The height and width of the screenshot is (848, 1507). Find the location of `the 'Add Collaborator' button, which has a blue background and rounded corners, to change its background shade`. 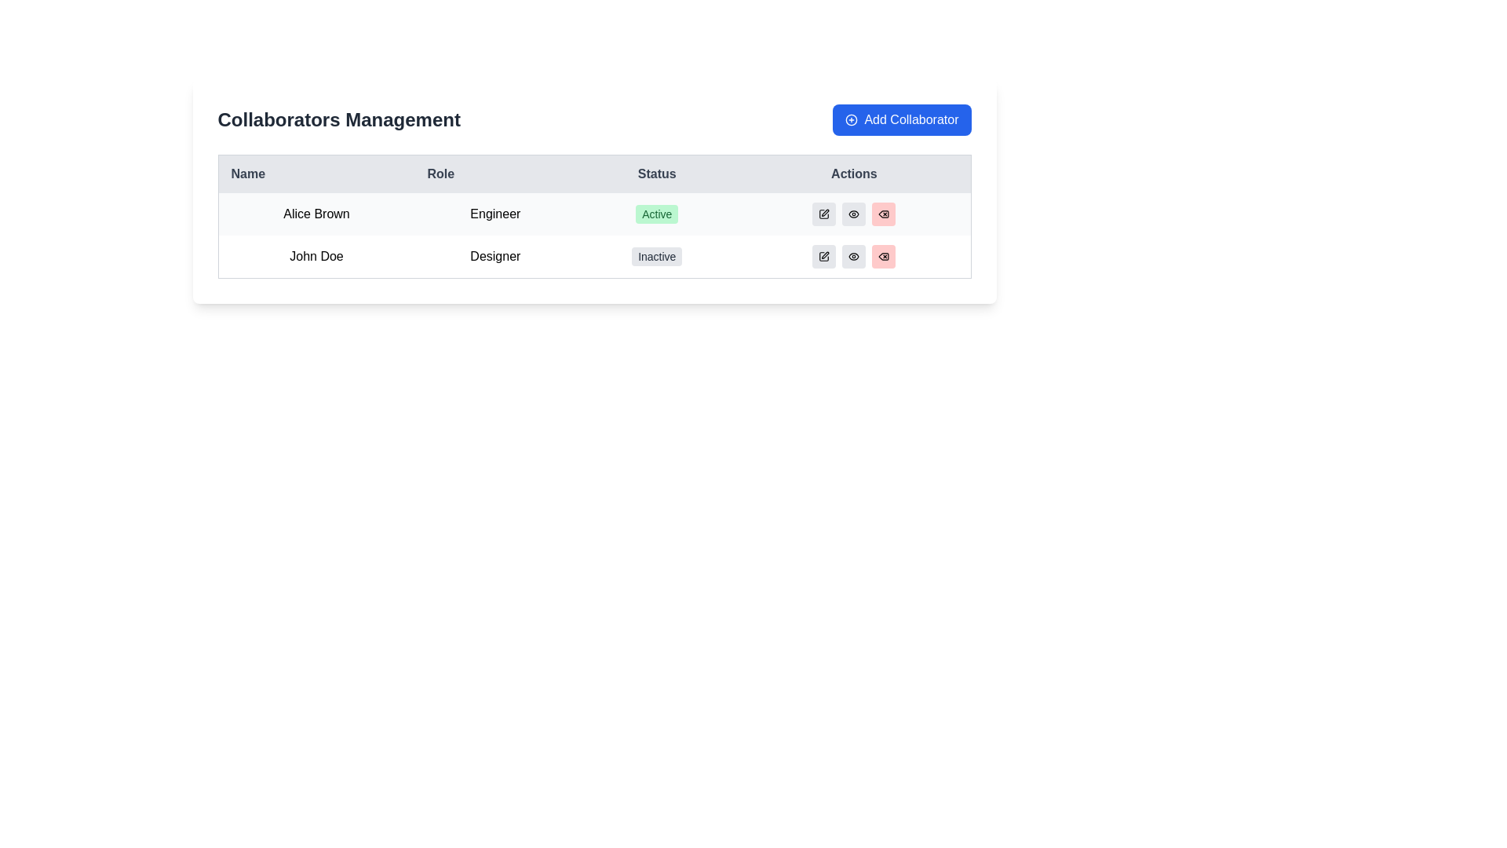

the 'Add Collaborator' button, which has a blue background and rounded corners, to change its background shade is located at coordinates (902, 119).